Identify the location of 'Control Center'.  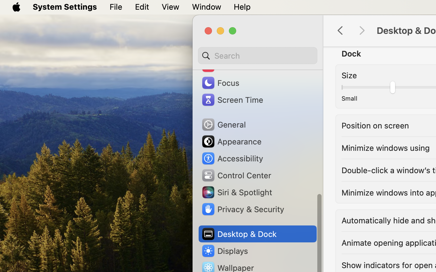
(236, 175).